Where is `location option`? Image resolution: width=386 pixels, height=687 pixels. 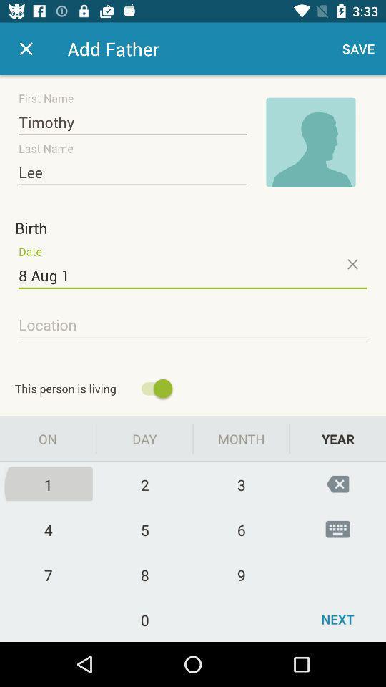 location option is located at coordinates (193, 326).